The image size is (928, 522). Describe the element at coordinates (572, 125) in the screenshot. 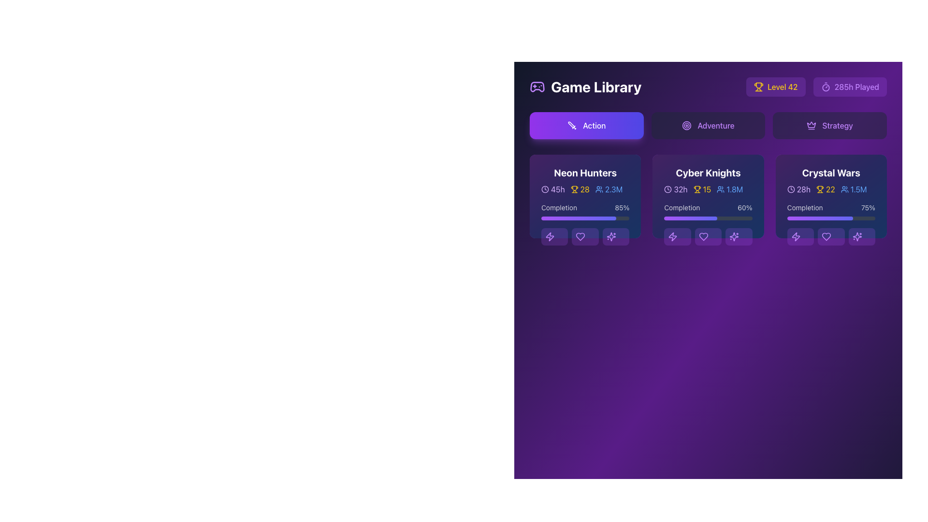

I see `the icon that symbolizes the 'Action' category on the purple button labeled 'Action', located at the left section of the button` at that location.